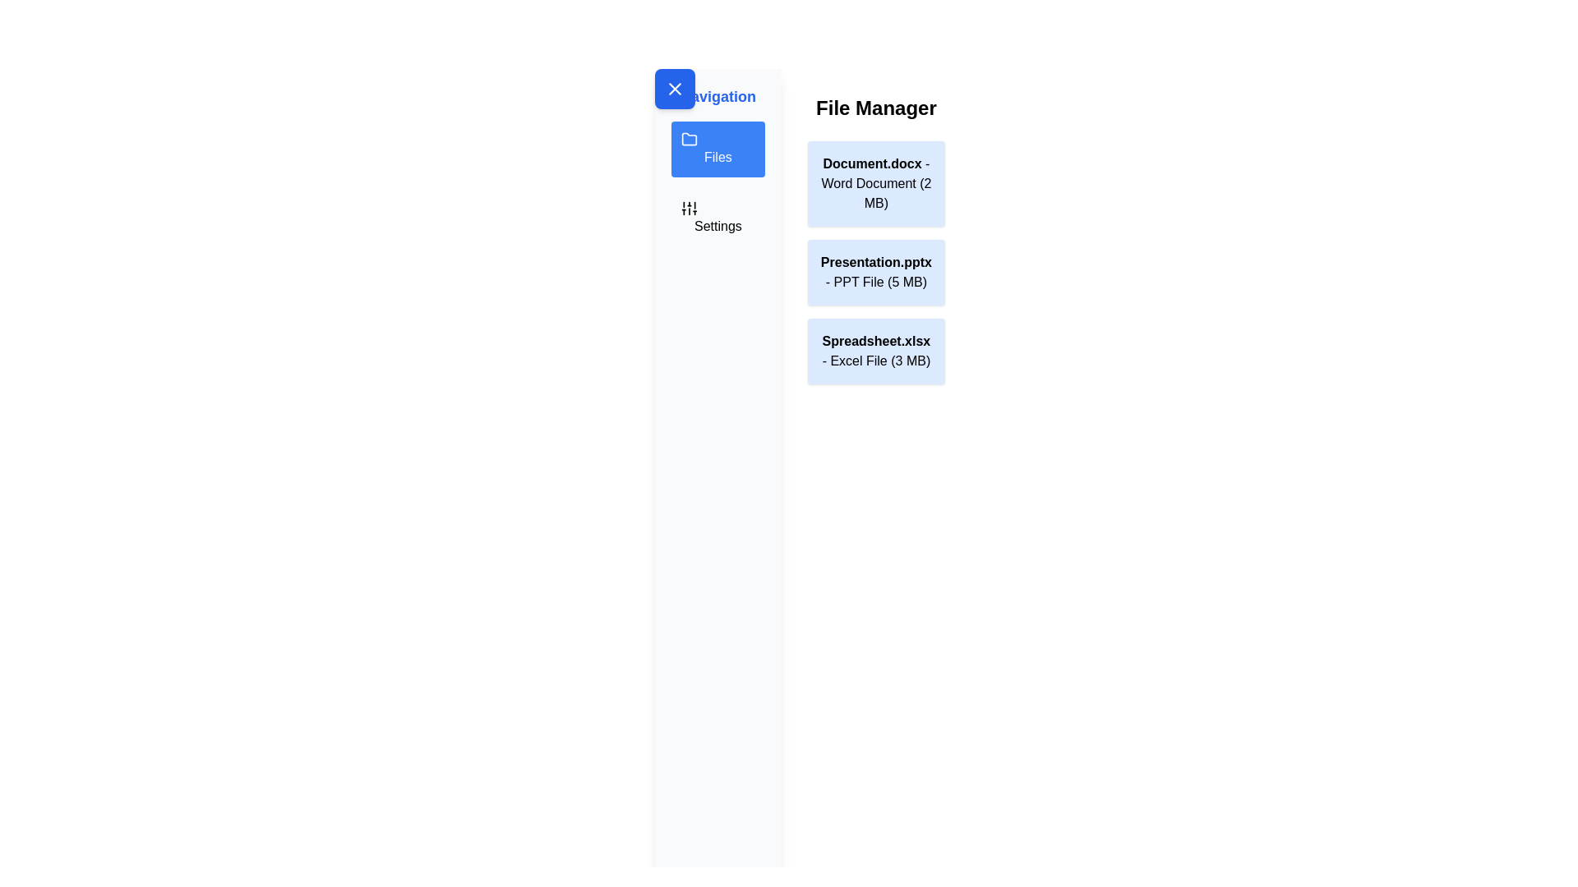 The width and height of the screenshot is (1578, 887). Describe the element at coordinates (717, 218) in the screenshot. I see `the settings Nav Button located directly below the 'Files' button in the left navigation menu` at that location.